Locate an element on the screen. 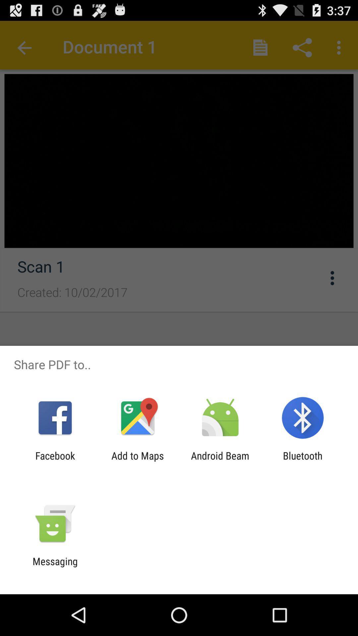 The height and width of the screenshot is (636, 358). the android beam icon is located at coordinates (220, 461).